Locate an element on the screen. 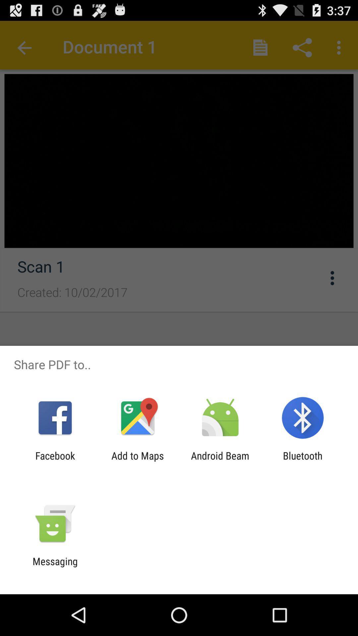 The height and width of the screenshot is (636, 358). the android beam icon is located at coordinates (220, 461).